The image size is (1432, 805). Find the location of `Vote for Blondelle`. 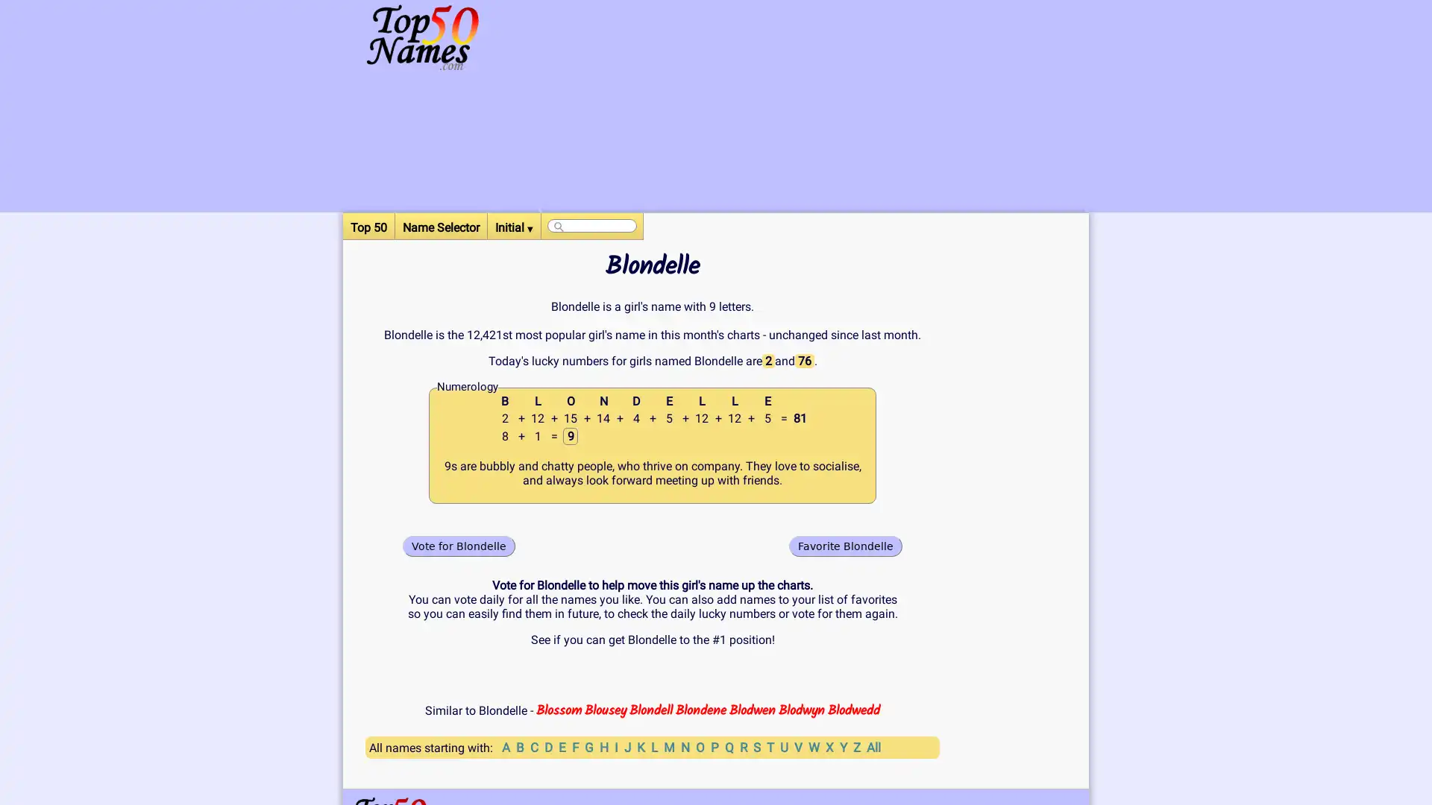

Vote for Blondelle is located at coordinates (458, 546).